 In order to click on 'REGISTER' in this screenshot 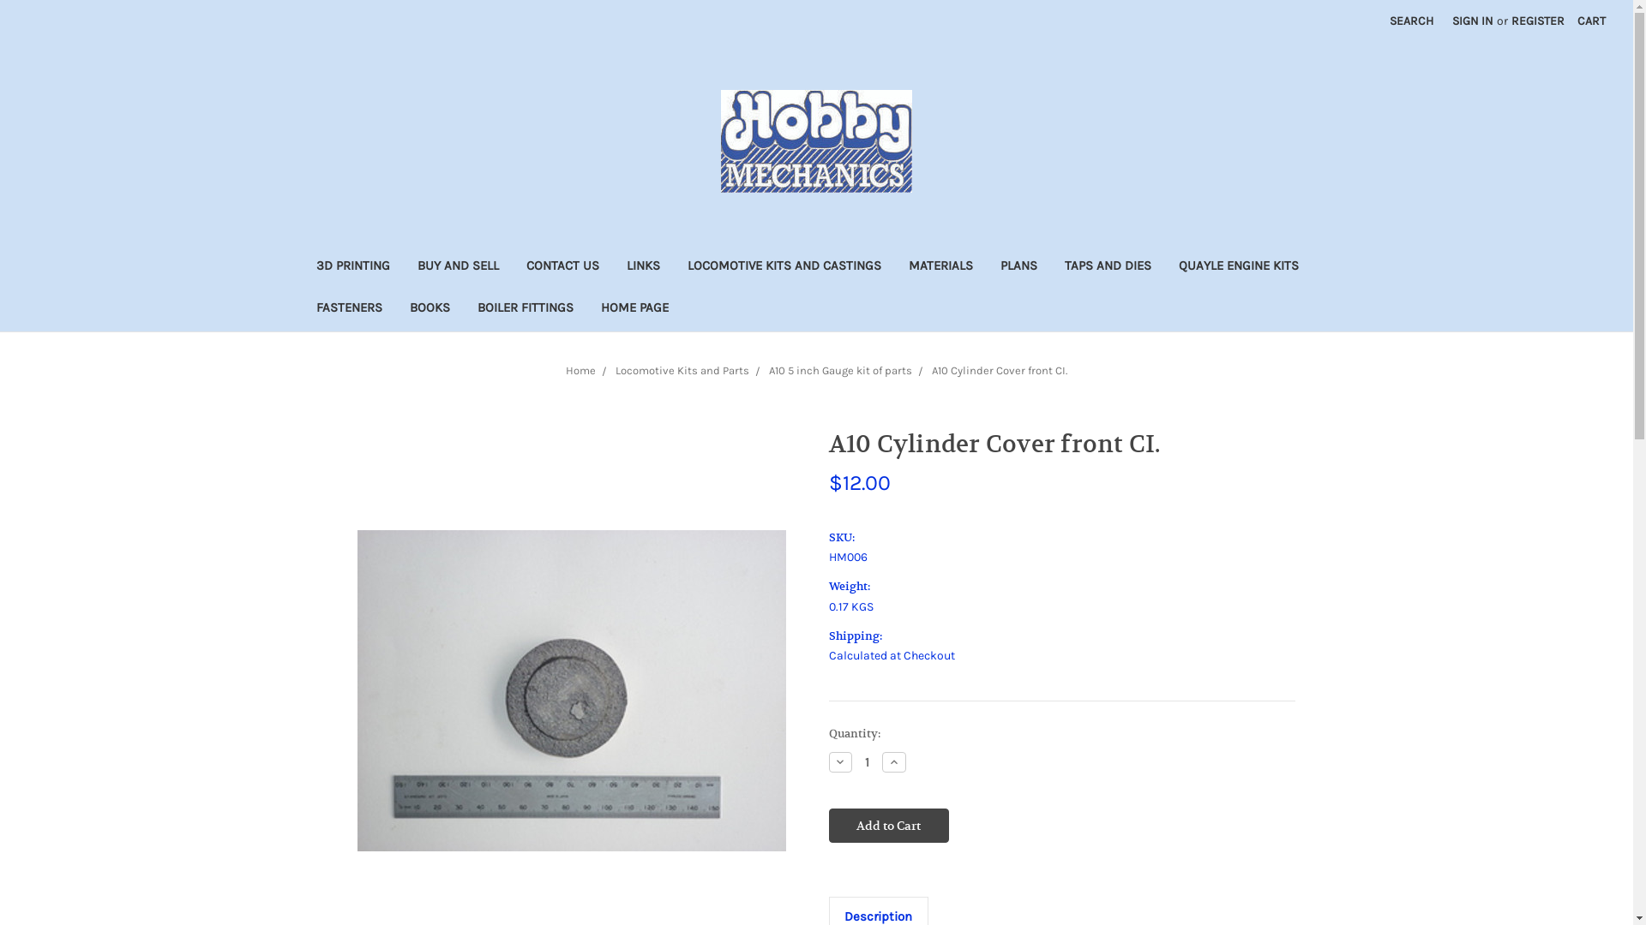, I will do `click(1538, 21)`.